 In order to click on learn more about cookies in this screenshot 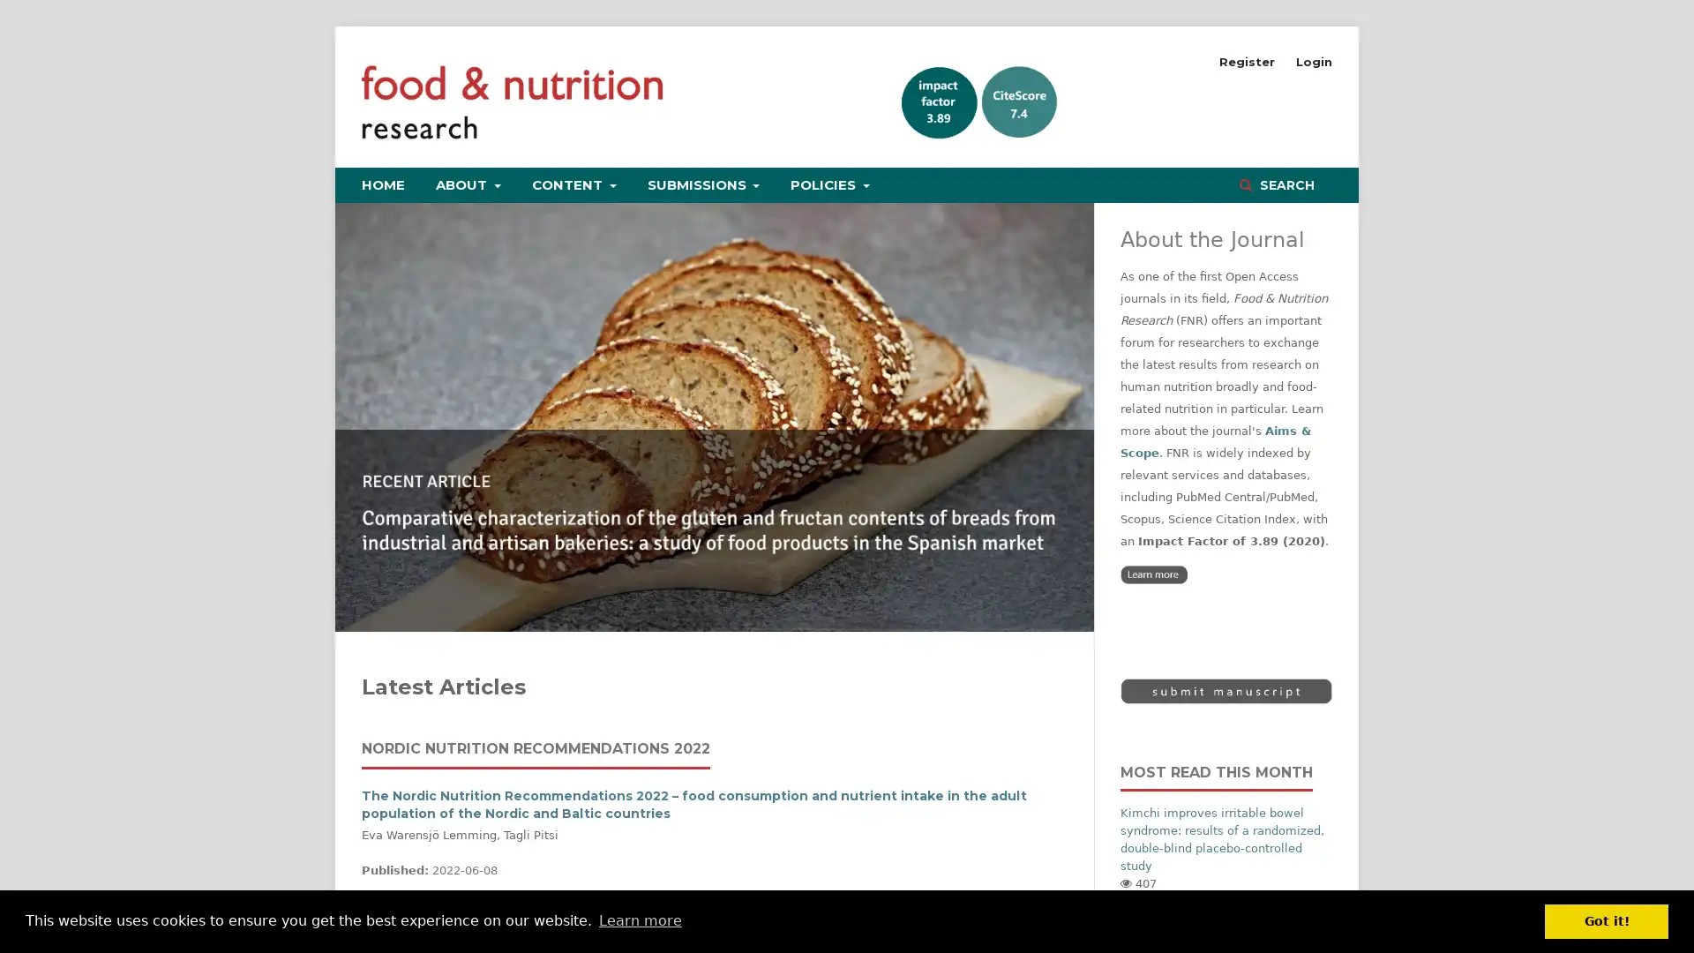, I will do `click(639, 920)`.